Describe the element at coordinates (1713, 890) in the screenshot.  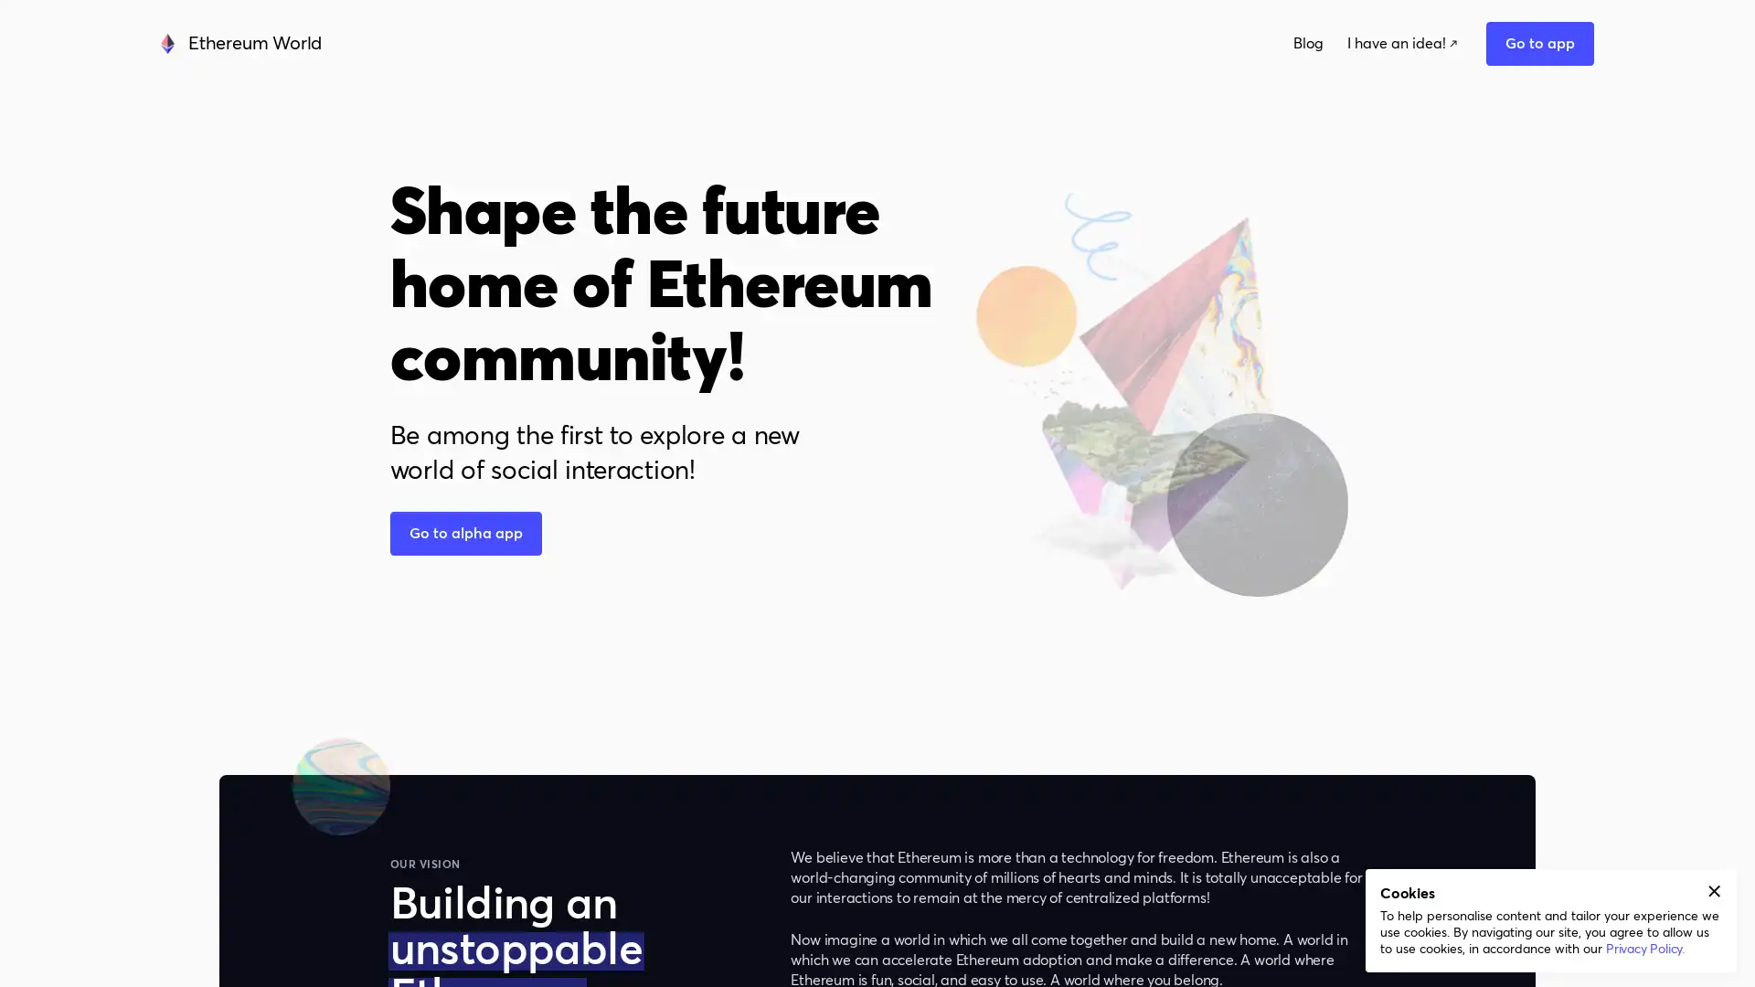
I see `Accept cookies` at that location.